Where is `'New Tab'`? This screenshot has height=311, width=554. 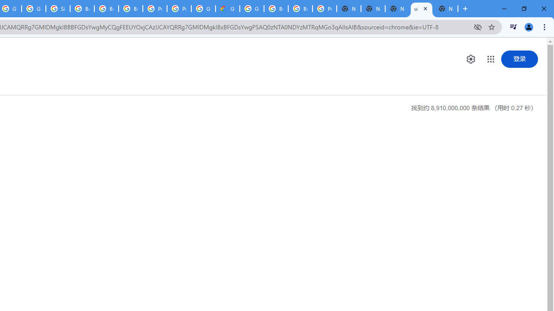 'New Tab' is located at coordinates (446, 9).